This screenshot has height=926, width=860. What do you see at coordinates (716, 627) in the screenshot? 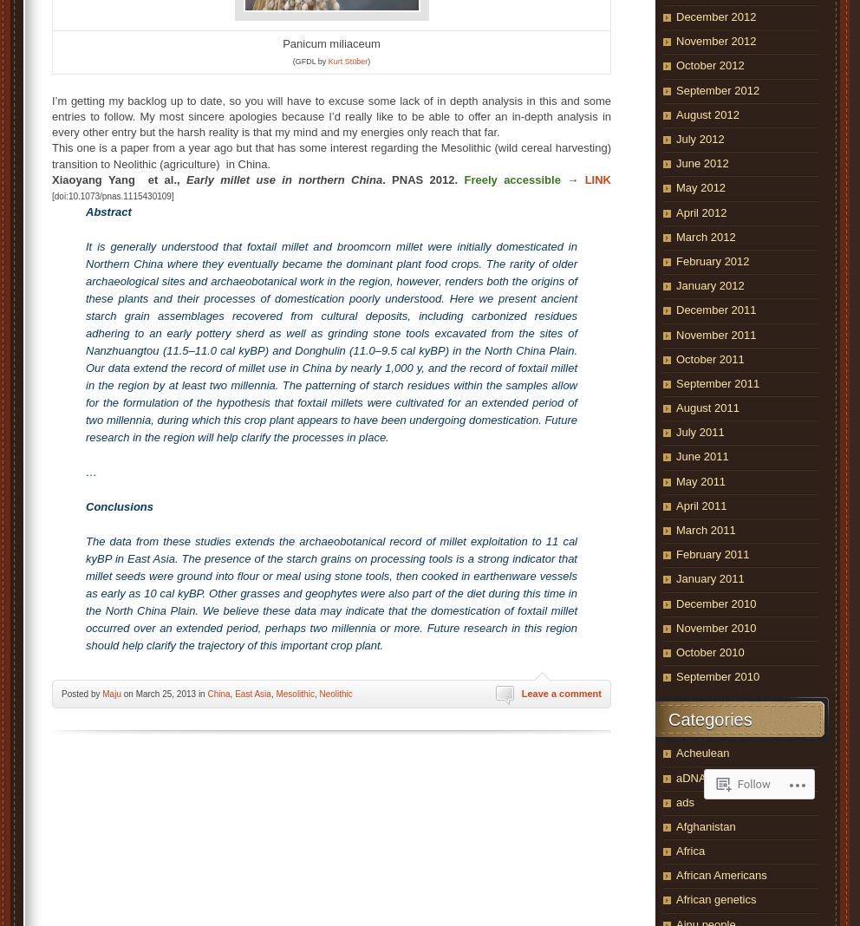
I see `'November 2010'` at bounding box center [716, 627].